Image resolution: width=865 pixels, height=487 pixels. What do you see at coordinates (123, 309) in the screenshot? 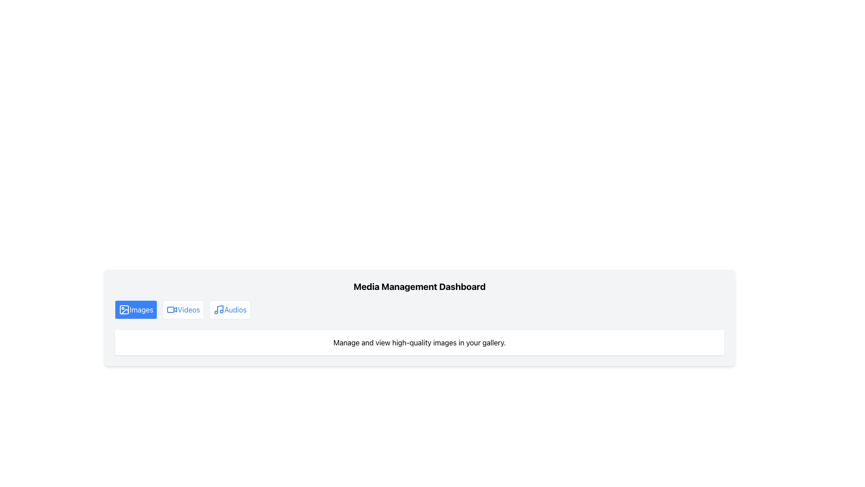
I see `the small rectangular SVG graphic with rounded corners, which is part of the icon located on the leftmost side of the row of buttons below the 'Media Management Dashboard' title` at bounding box center [123, 309].